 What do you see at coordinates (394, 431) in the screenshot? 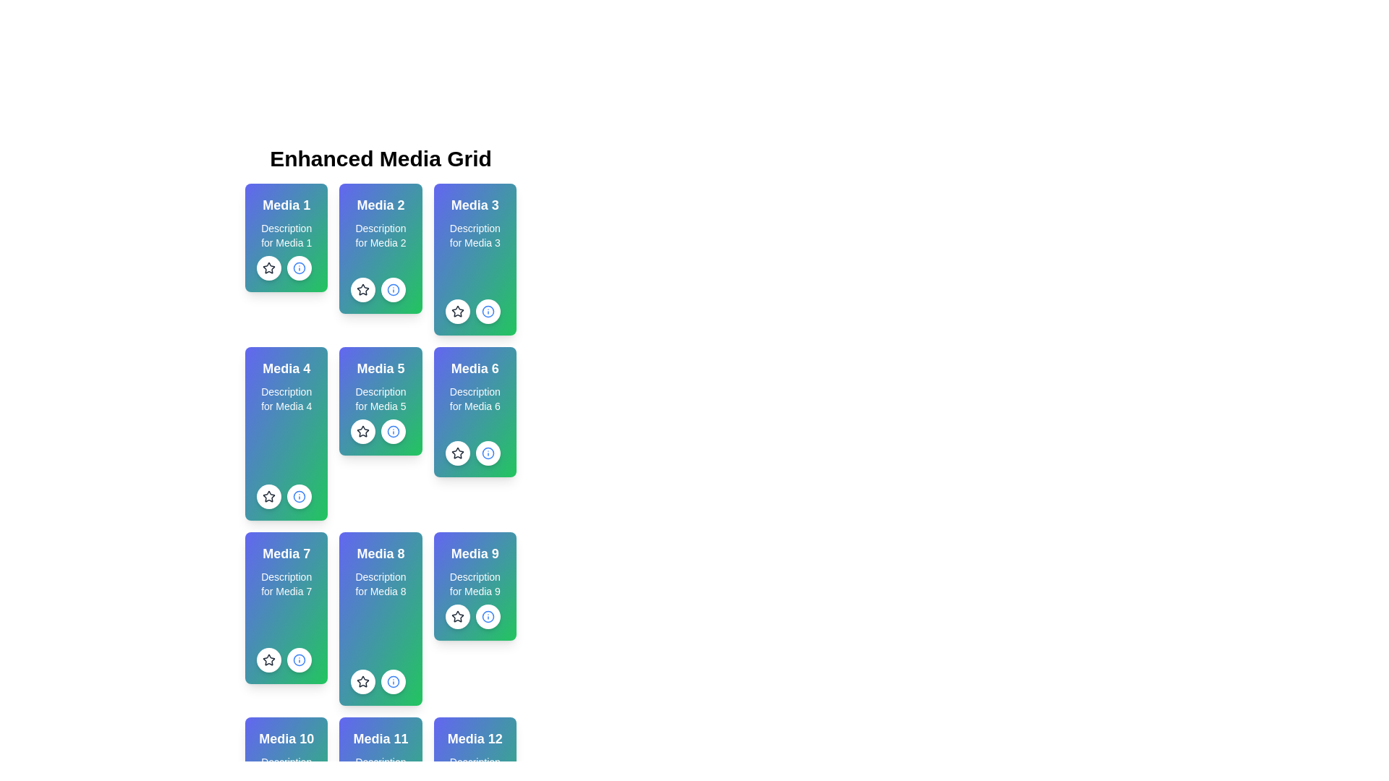
I see `the circular button with a blue border and a white background, containing an 'i' icon in blue, located at the bottom-right corner of the Media 5 card` at bounding box center [394, 431].